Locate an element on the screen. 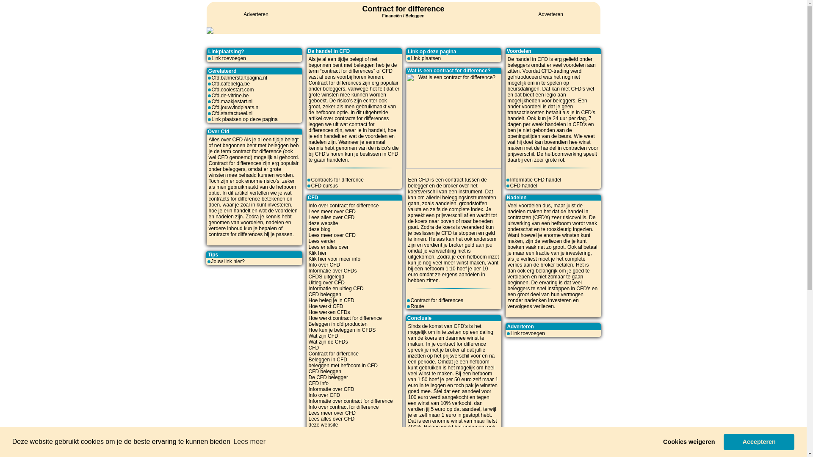 The height and width of the screenshot is (457, 813). 'Wat zijn de CFDs' is located at coordinates (327, 341).